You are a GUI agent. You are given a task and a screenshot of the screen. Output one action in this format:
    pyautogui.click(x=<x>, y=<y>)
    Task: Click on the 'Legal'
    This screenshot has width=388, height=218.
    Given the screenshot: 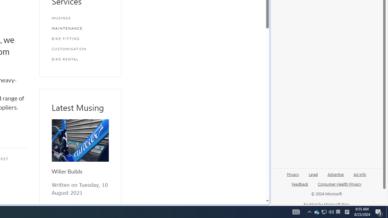 What is the action you would take?
    pyautogui.click(x=313, y=174)
    